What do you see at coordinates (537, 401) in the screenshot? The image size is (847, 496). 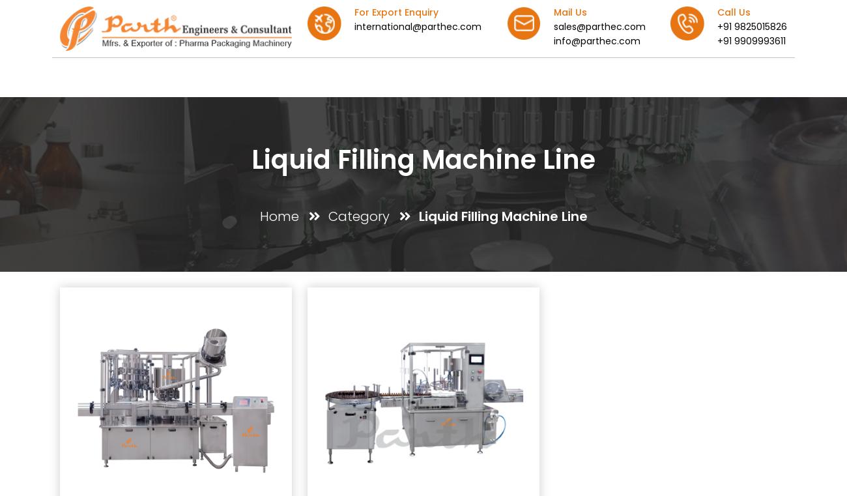 I see `'+91-9825015826'` at bounding box center [537, 401].